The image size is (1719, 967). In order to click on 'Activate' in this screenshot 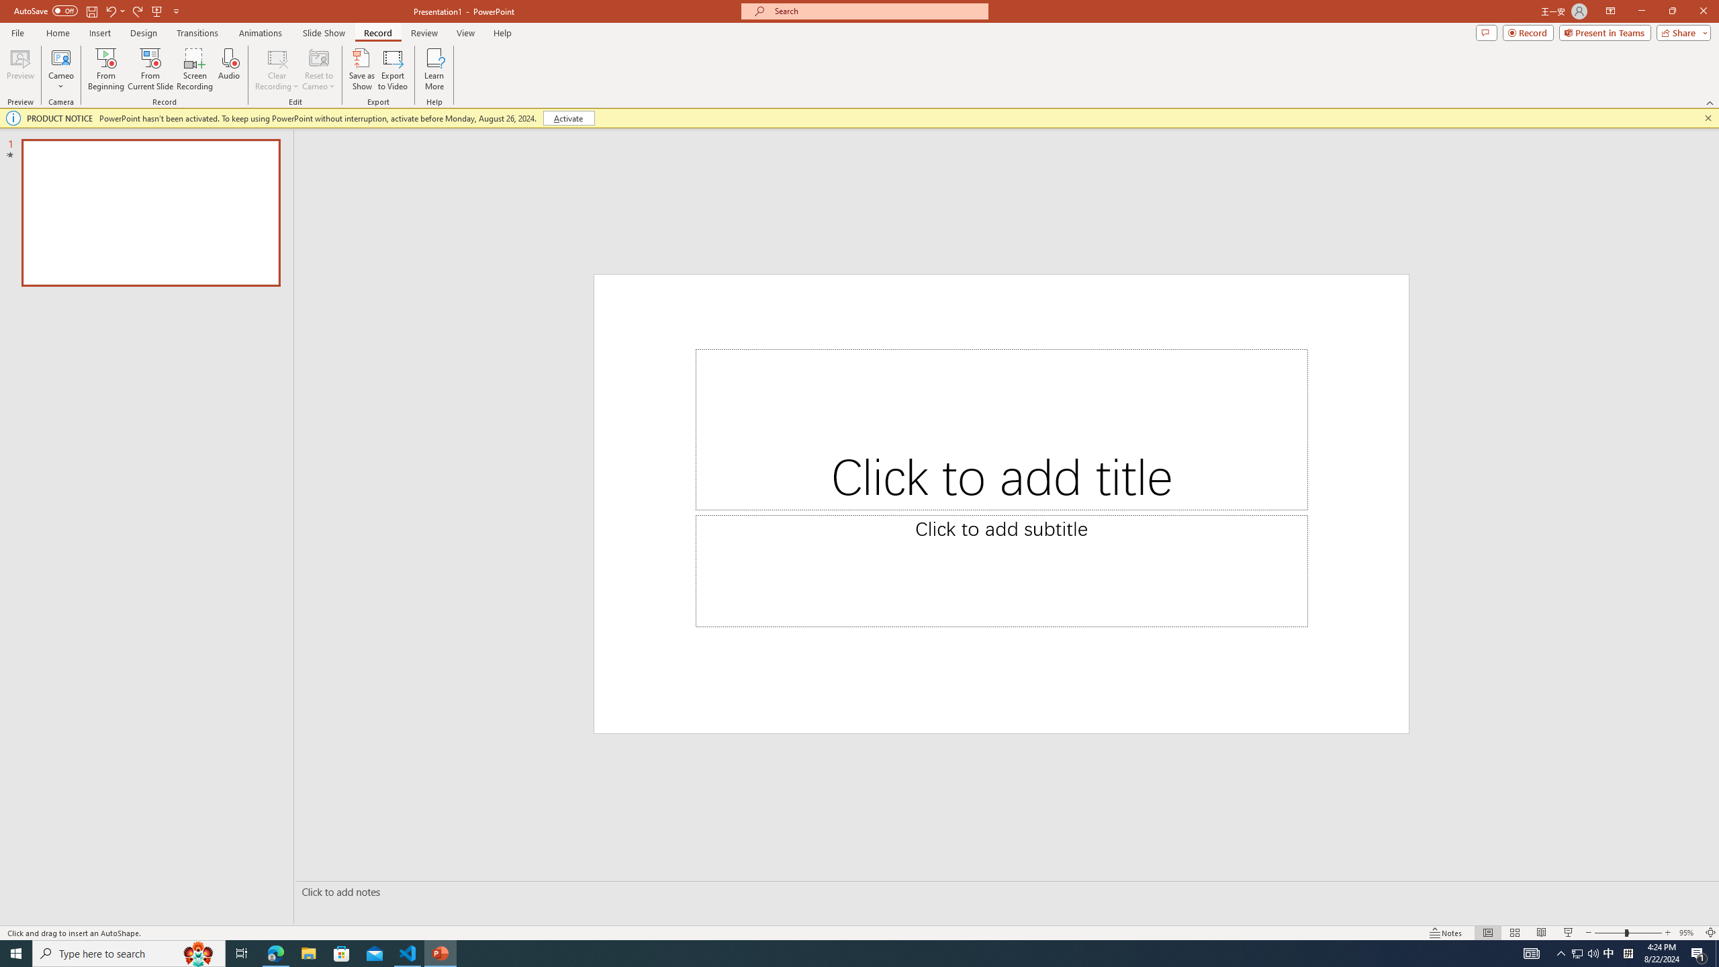, I will do `click(569, 118)`.